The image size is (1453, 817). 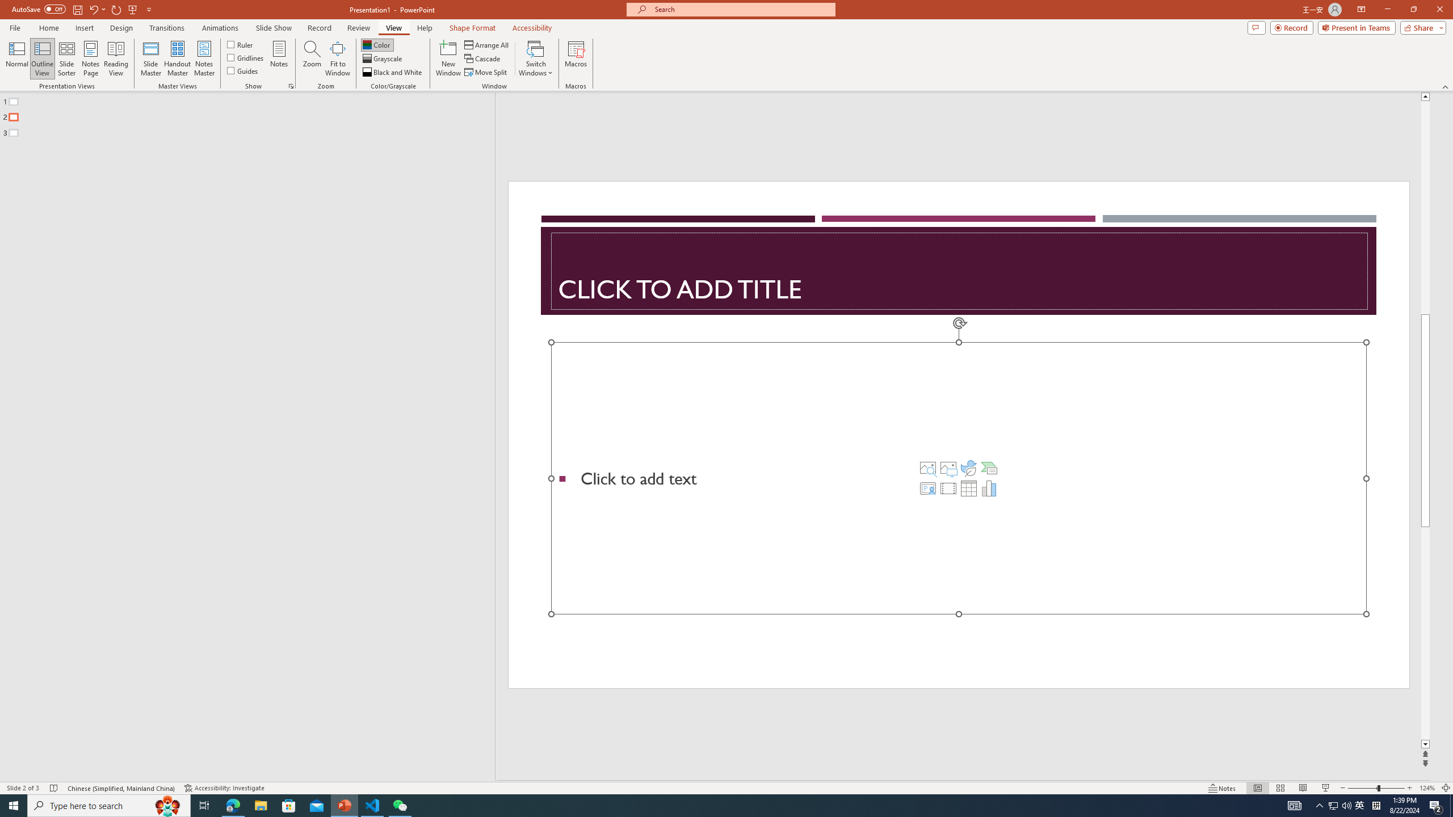 I want to click on 'Move Split', so click(x=486, y=72).